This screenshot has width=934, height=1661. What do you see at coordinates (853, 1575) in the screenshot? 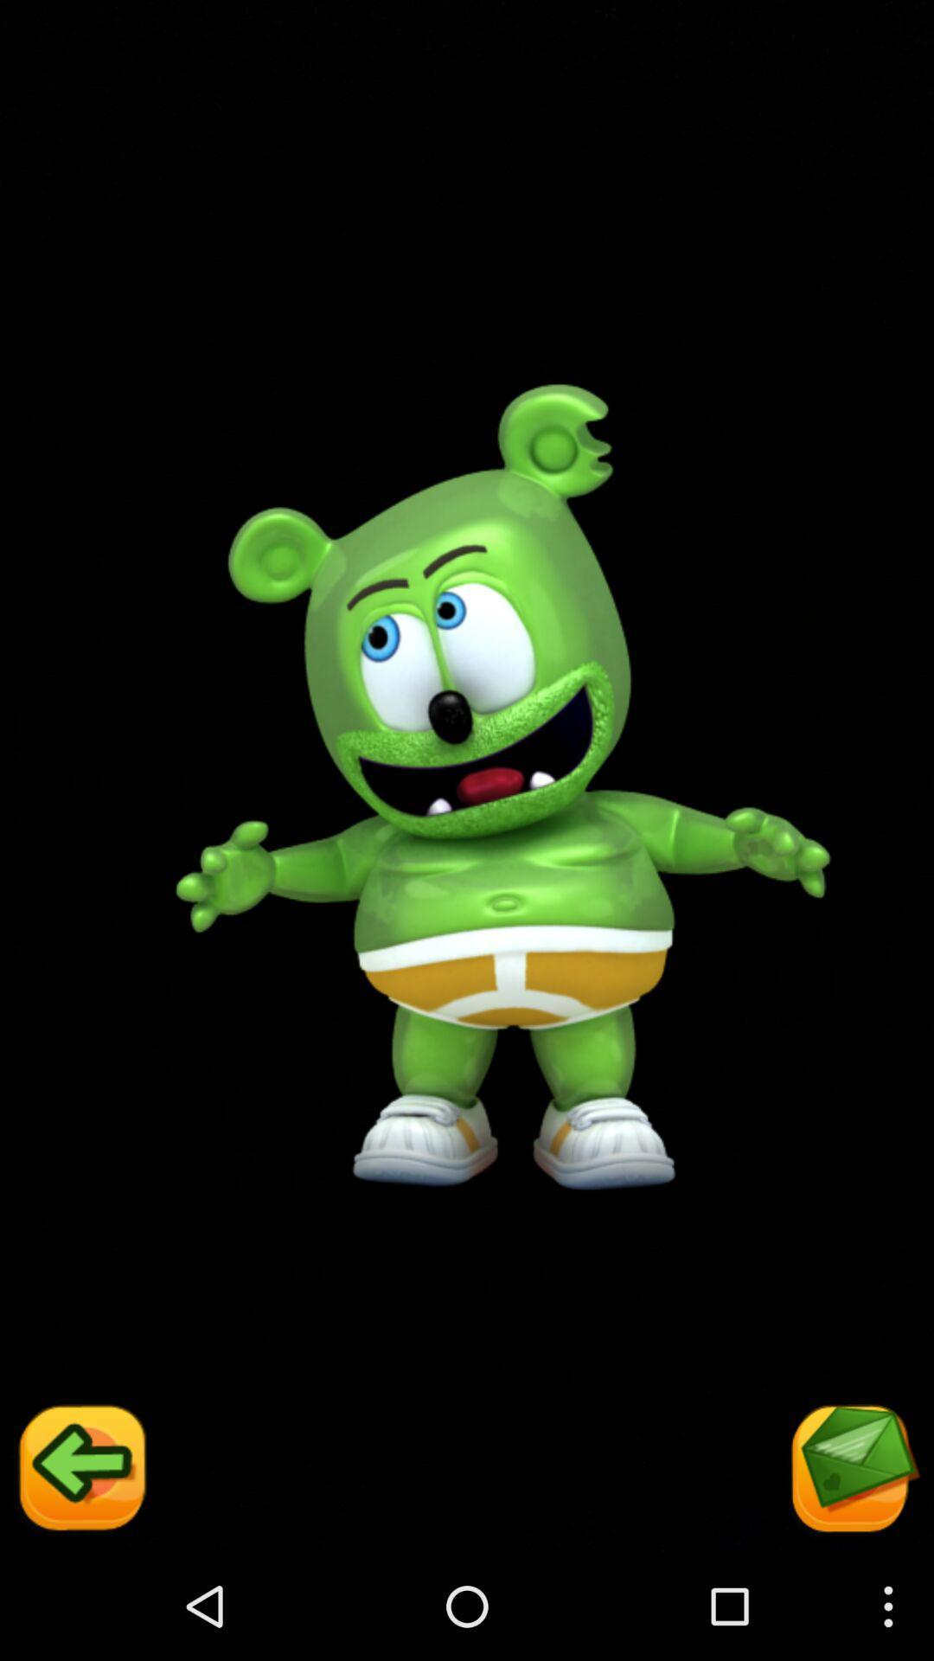
I see `the email icon` at bounding box center [853, 1575].